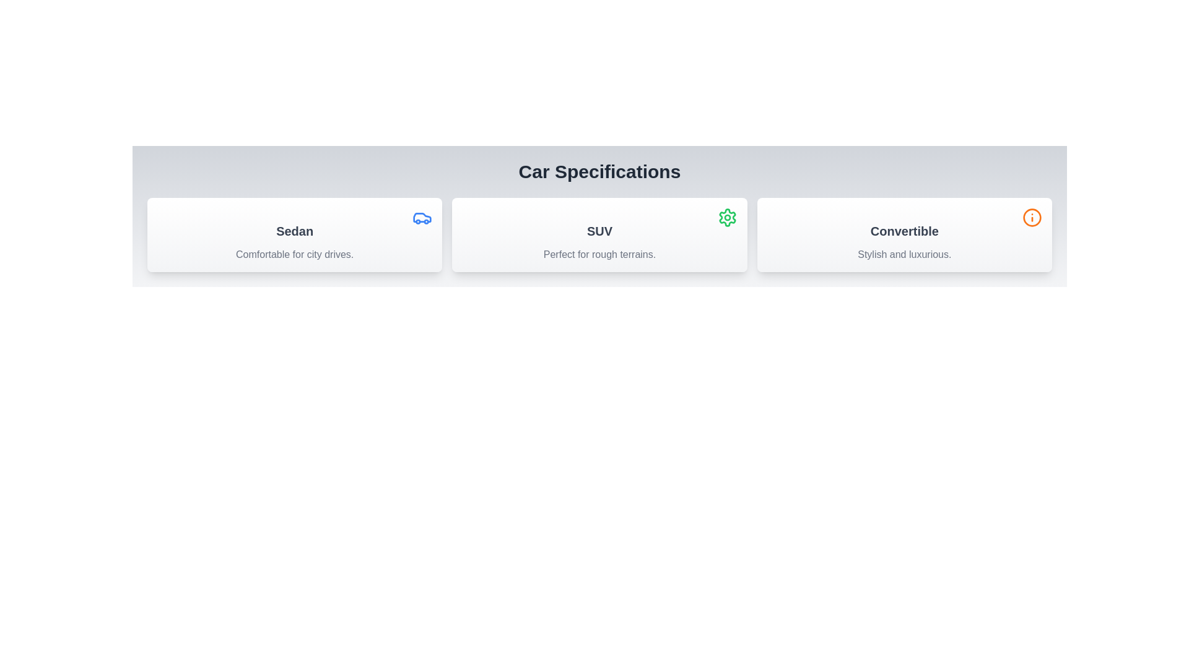 The image size is (1189, 668). I want to click on the text label that describes the suitability of the 'SUV' card, located at the bottom section of the central card in a three-card layout, so click(599, 254).